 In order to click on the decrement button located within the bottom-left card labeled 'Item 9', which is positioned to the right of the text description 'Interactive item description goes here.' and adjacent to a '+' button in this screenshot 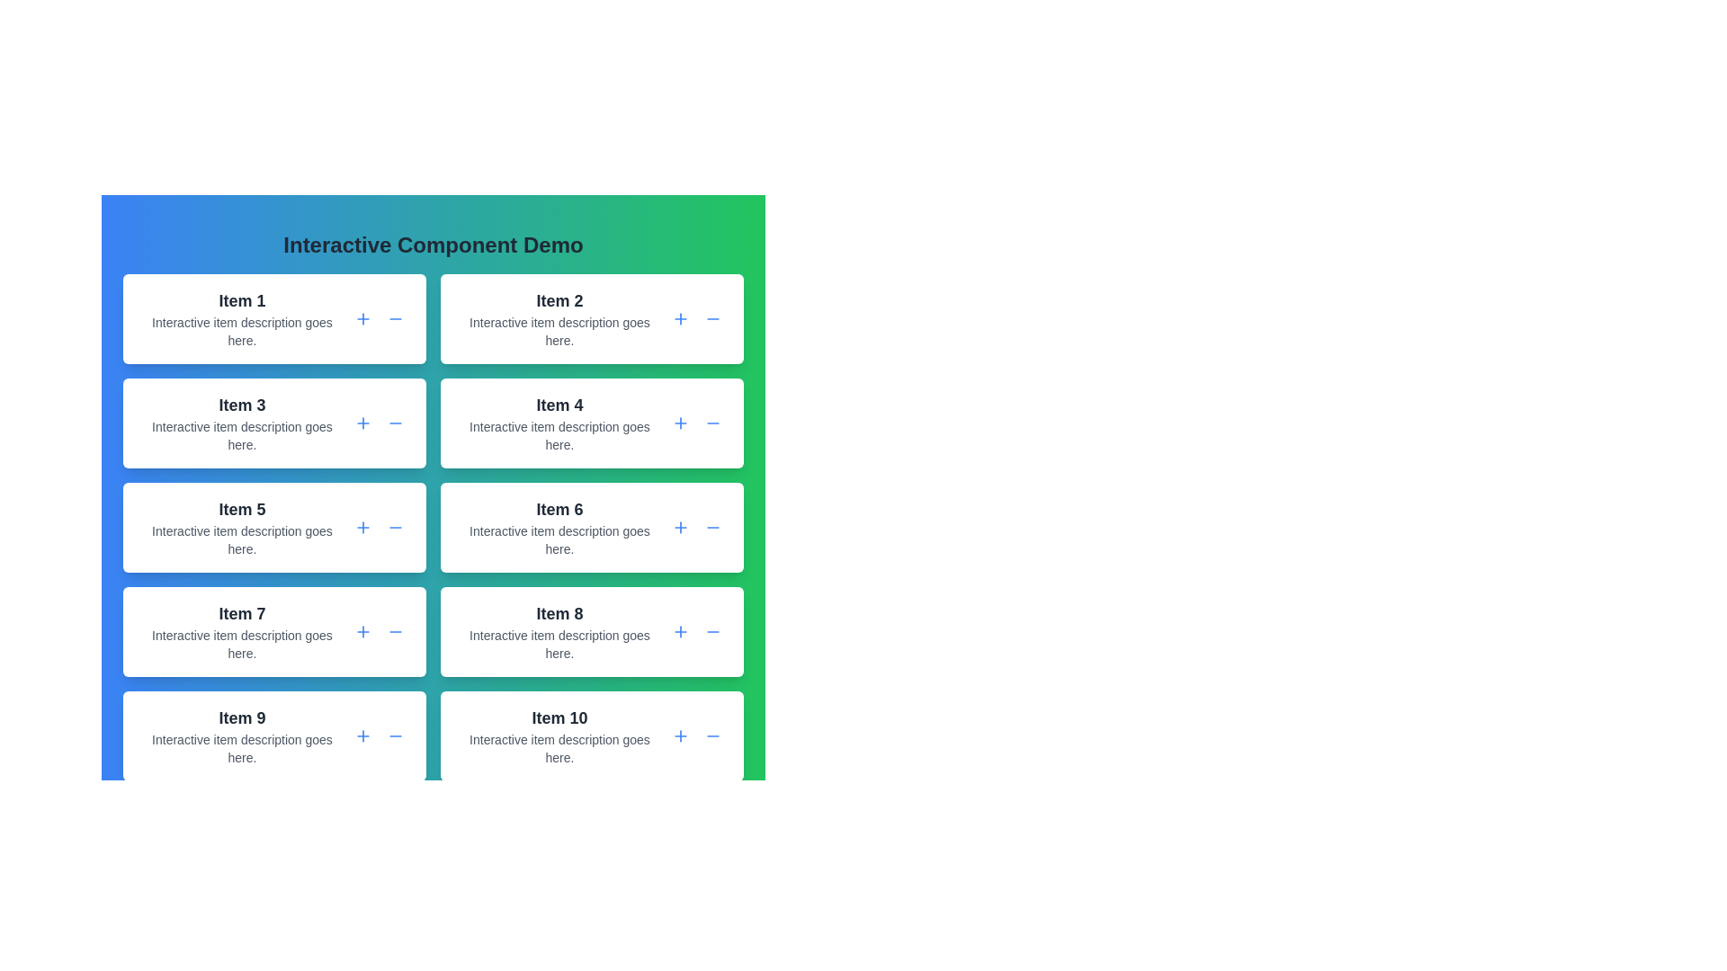, I will do `click(395, 735)`.